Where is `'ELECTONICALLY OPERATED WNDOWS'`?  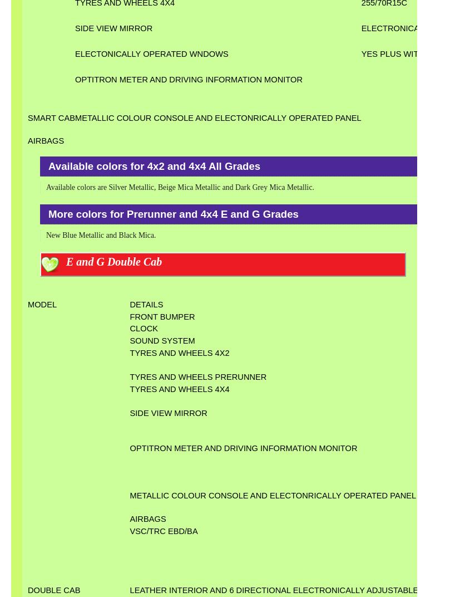 'ELECTONICALLY OPERATED WNDOWS' is located at coordinates (151, 54).